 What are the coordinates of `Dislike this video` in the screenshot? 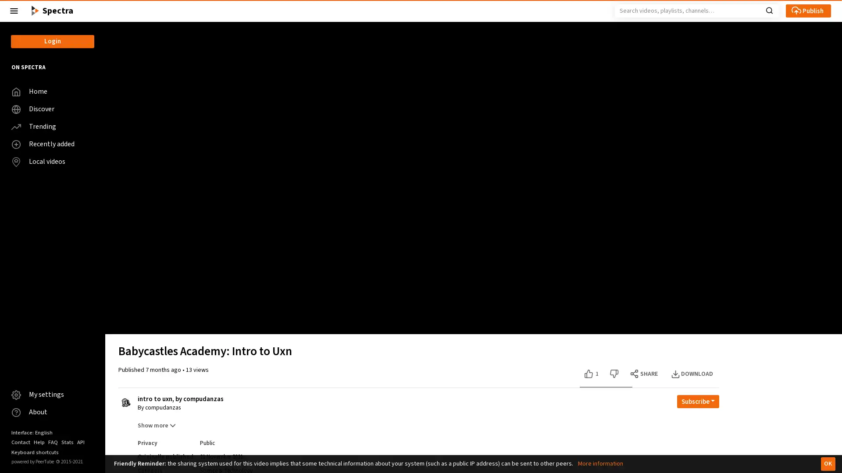 It's located at (614, 374).